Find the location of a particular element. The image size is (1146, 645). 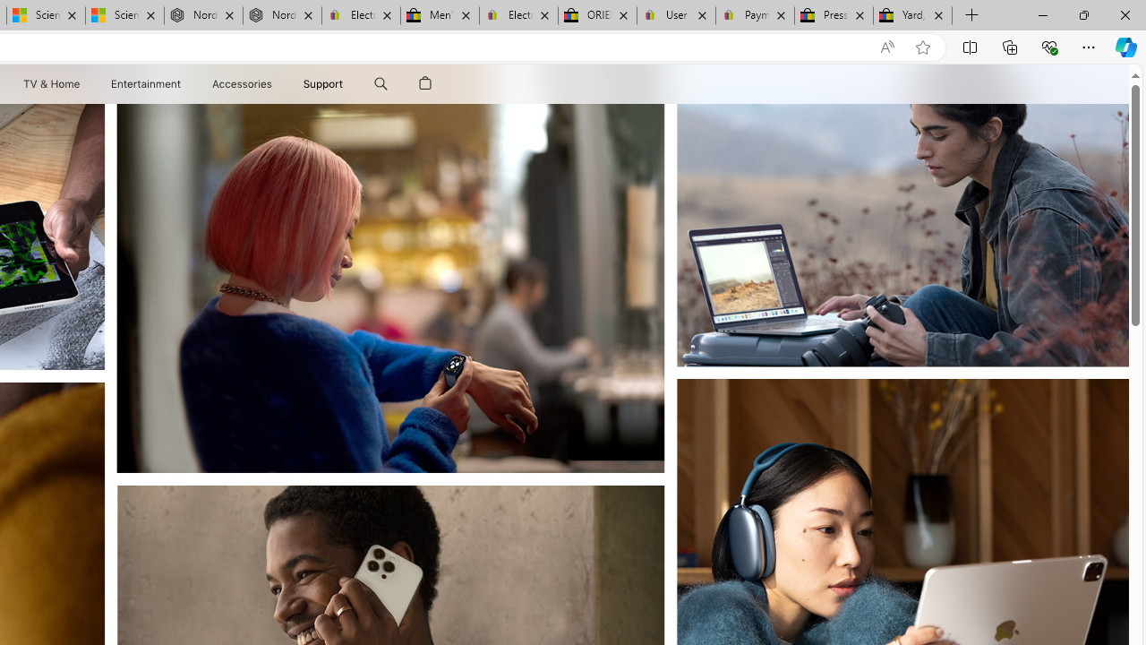

'Support' is located at coordinates (323, 83).